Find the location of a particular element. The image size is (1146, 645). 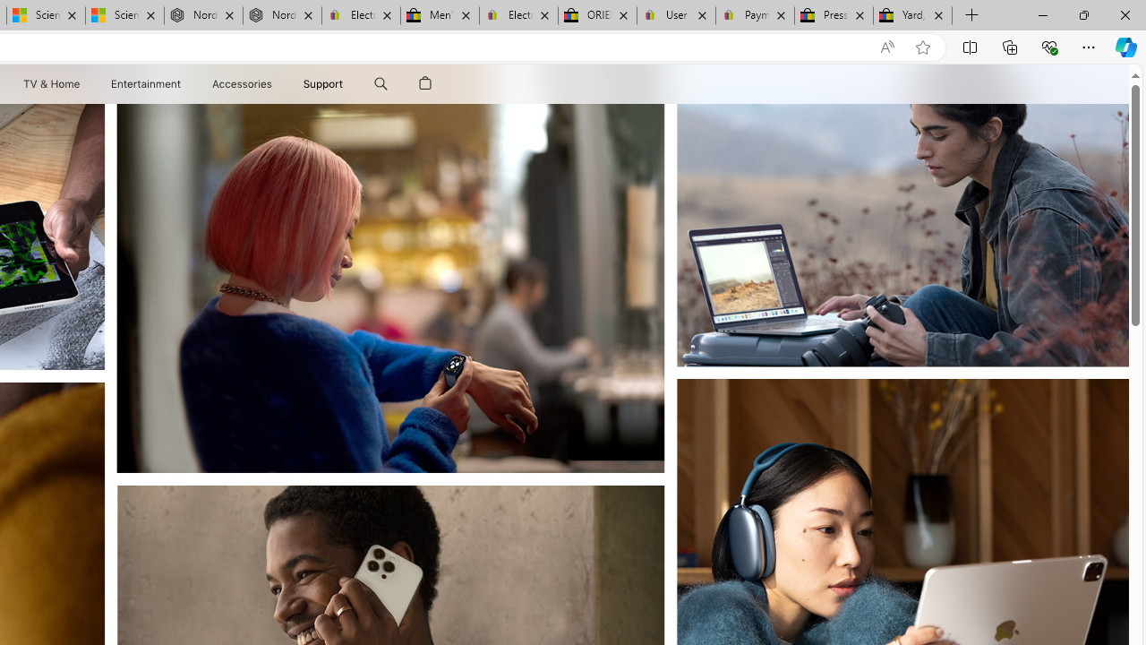

'Support' is located at coordinates (323, 83).